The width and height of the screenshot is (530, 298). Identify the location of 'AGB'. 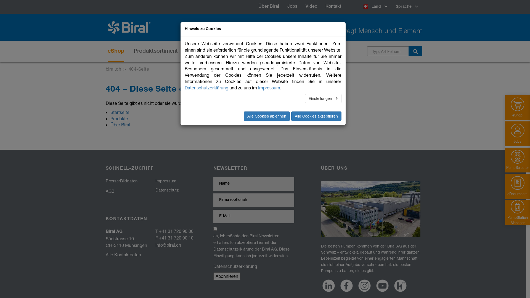
(110, 190).